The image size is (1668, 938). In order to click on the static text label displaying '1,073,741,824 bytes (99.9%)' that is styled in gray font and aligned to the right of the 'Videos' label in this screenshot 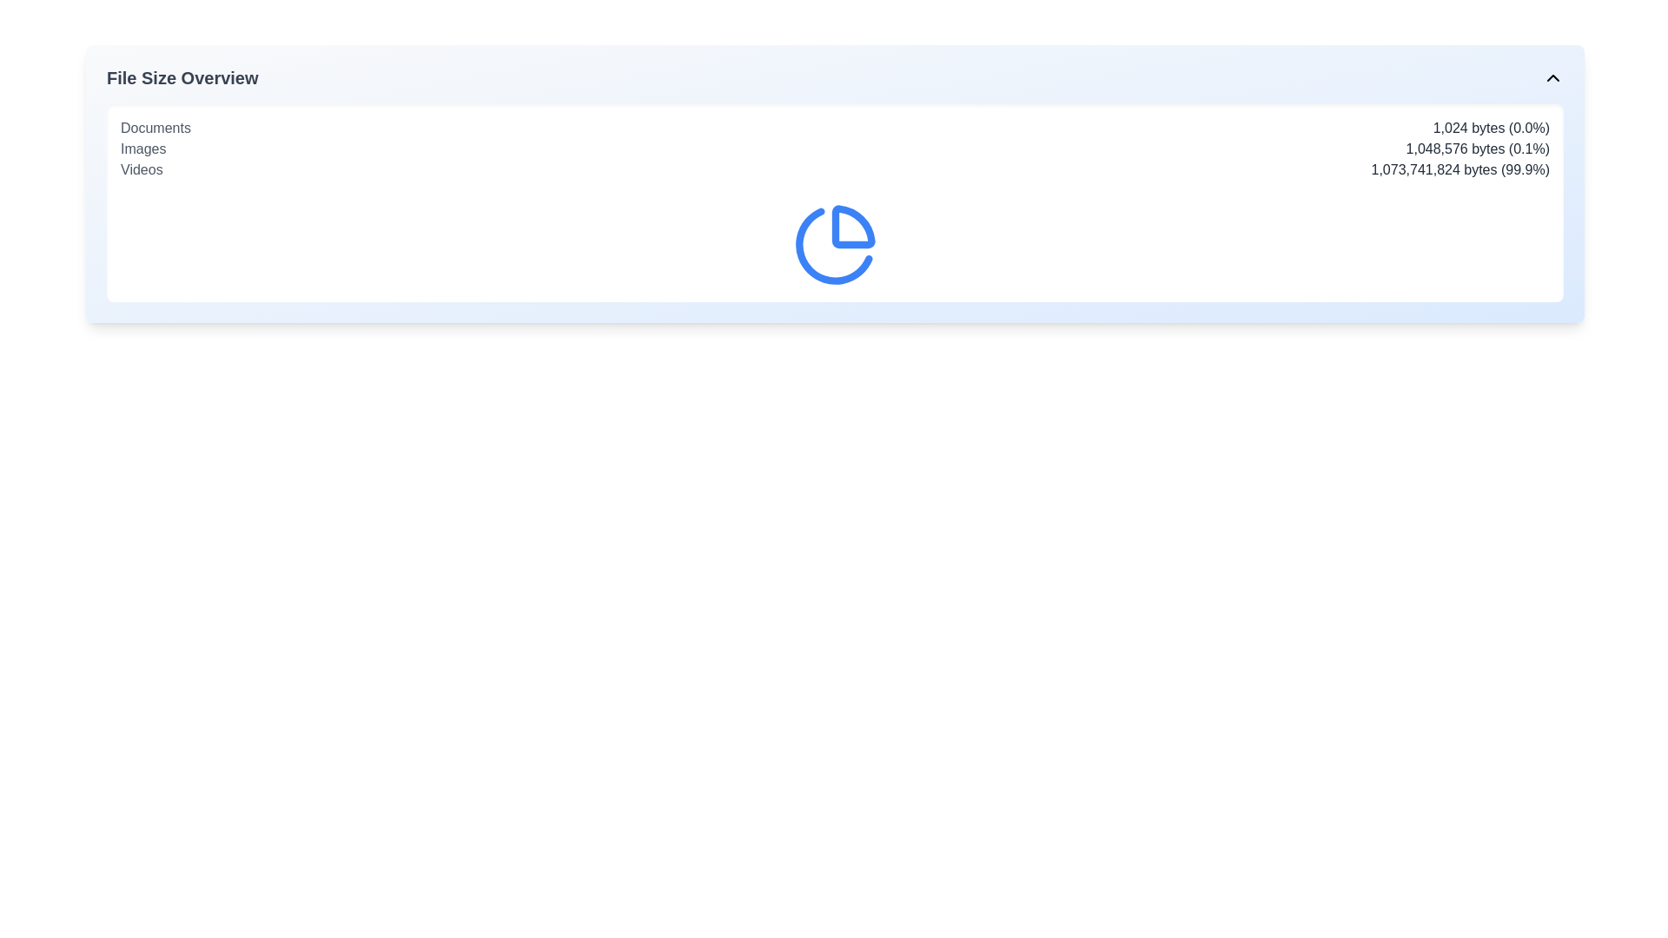, I will do `click(1459, 170)`.